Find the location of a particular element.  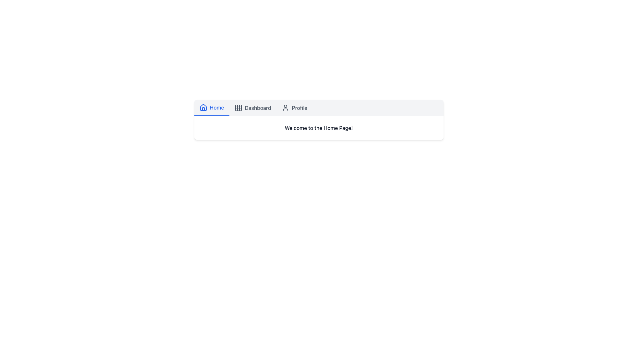

the Static Text element that displays 'Welcome to the Home Page!', which is centrally positioned below the navigation menu is located at coordinates (319, 128).